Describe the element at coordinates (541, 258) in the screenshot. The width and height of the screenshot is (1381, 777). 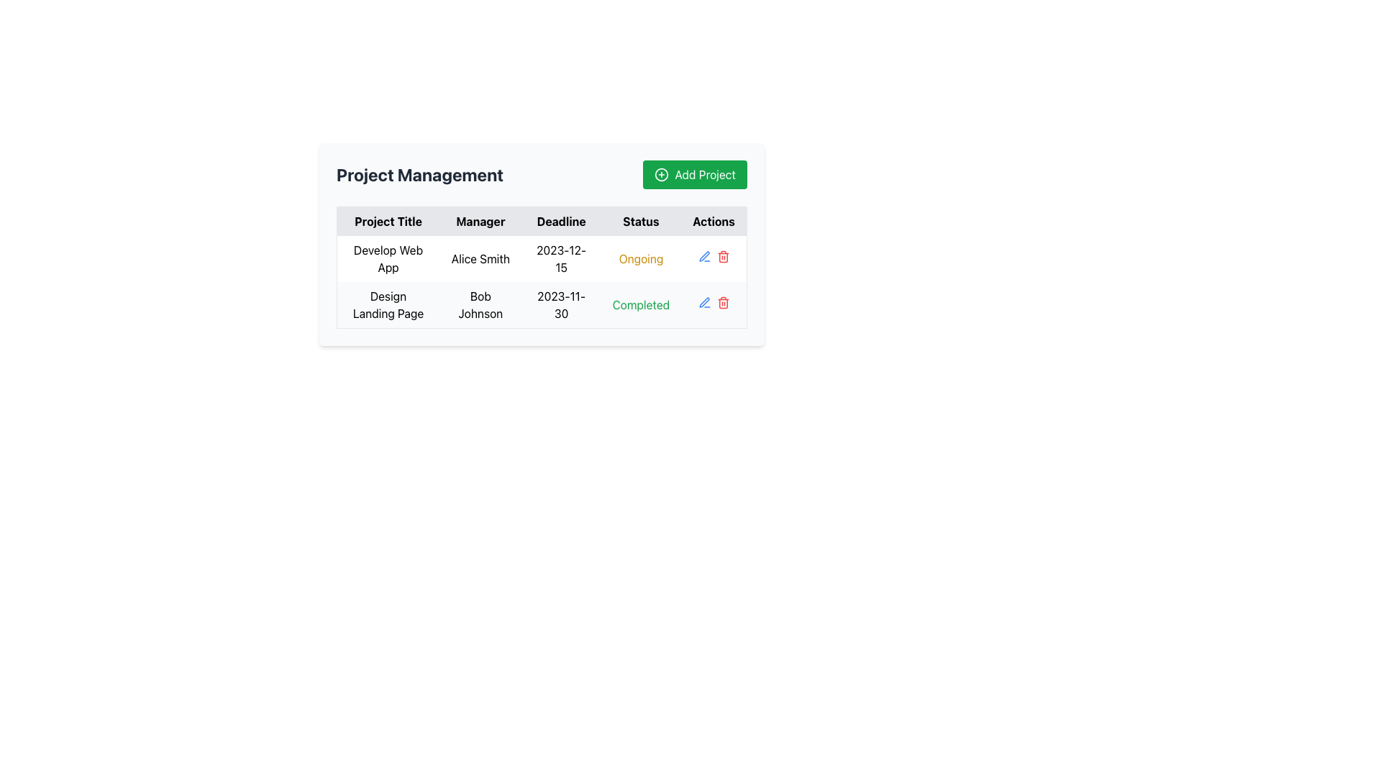
I see `the first row of the Project Management table, which contains the project overview details including title, assigned manager, deadline, and current status` at that location.